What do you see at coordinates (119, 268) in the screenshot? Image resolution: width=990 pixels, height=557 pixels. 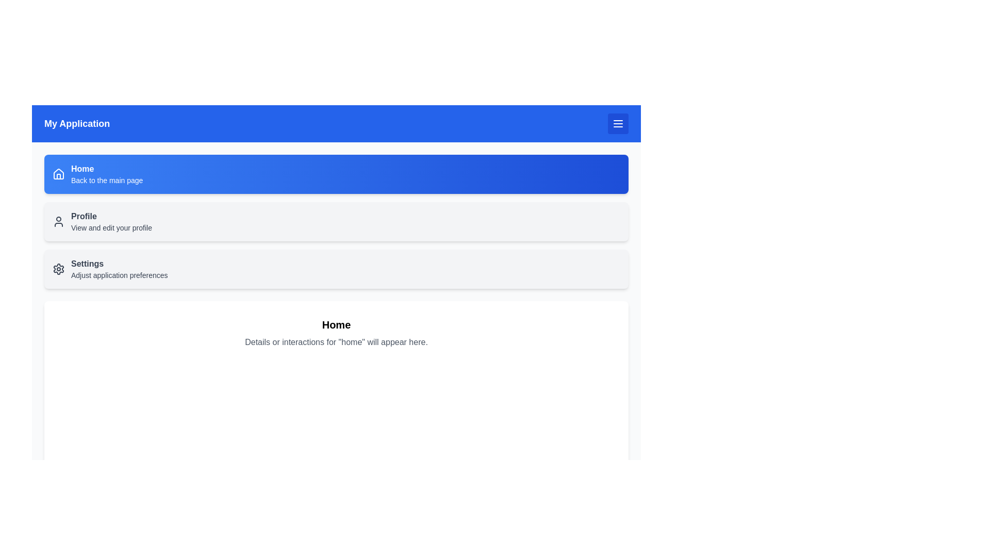 I see `the 'Settings' text label in the left sidebar menu, which provides descriptive text for the 'Settings' option` at bounding box center [119, 268].